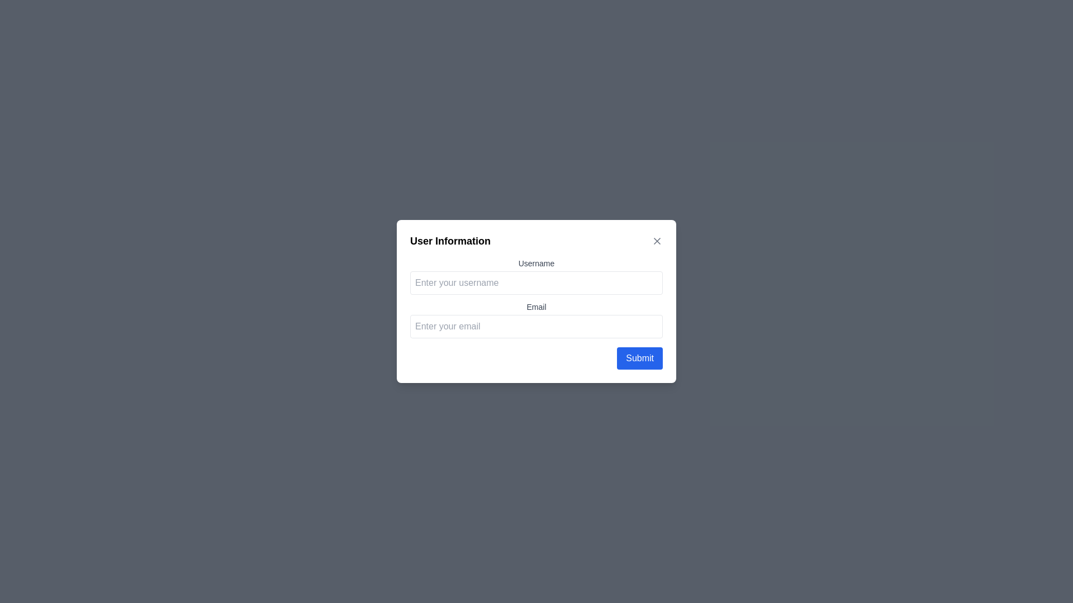 The height and width of the screenshot is (603, 1073). Describe the element at coordinates (640, 358) in the screenshot. I see `the 'Submit' button, which is a rectangular button with rounded corners, blue background, and white text, located at the bottom-right corner of the user input form` at that location.